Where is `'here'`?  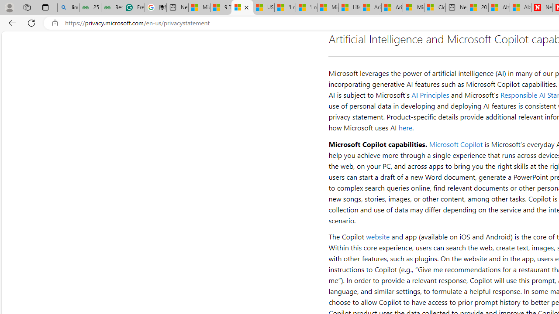 'here' is located at coordinates (405, 128).